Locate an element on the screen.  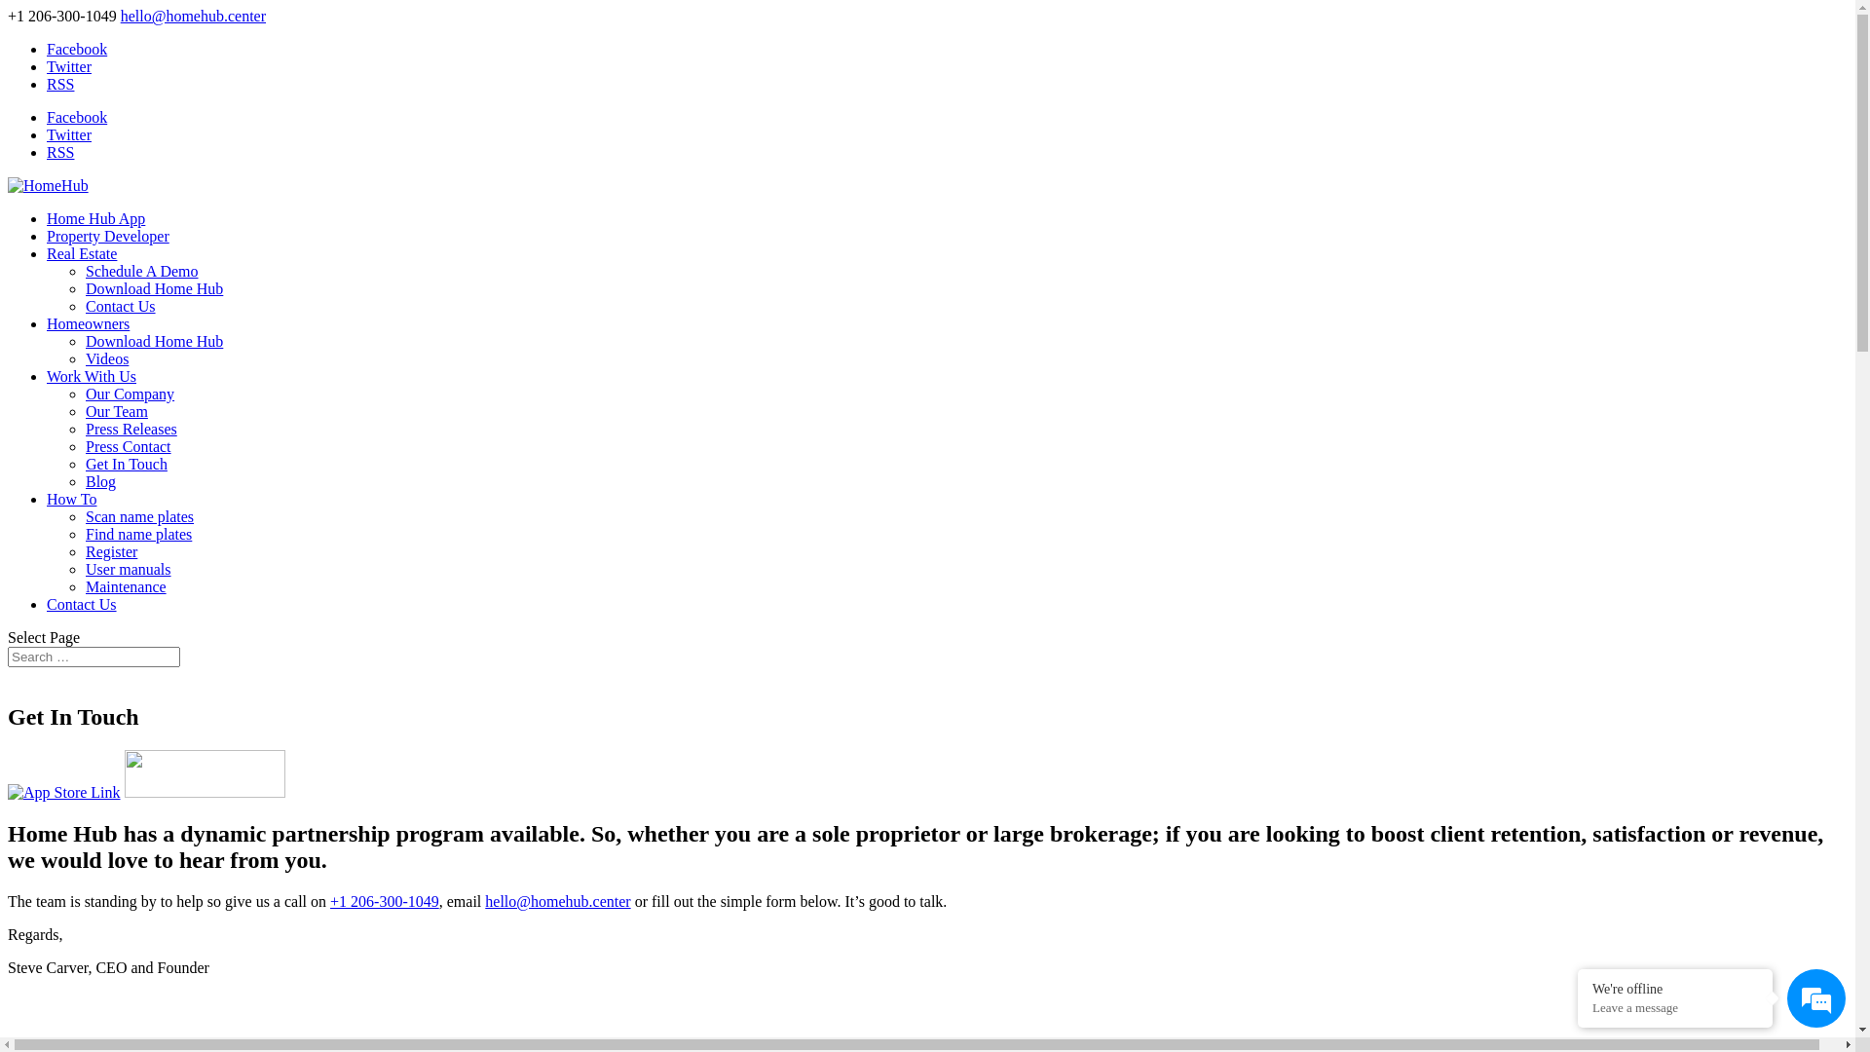
'Scan name plates' is located at coordinates (84, 515).